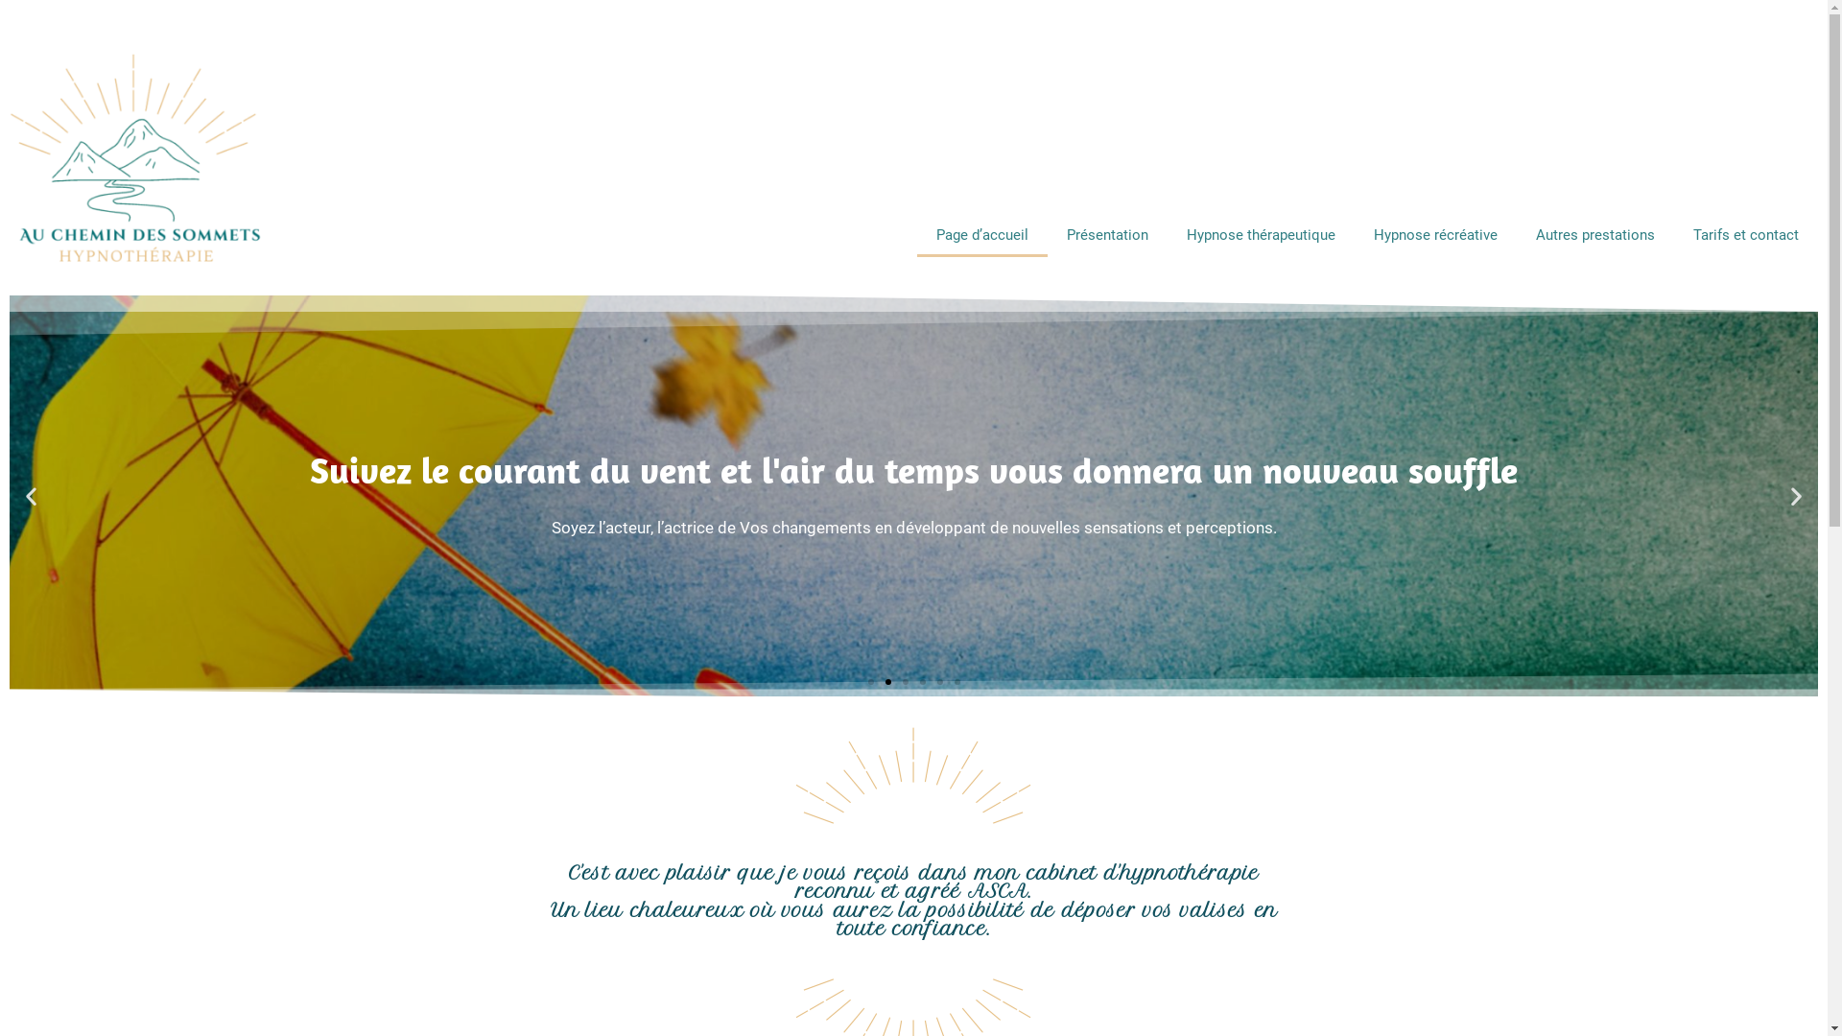  I want to click on 'rayons2', so click(784, 780).